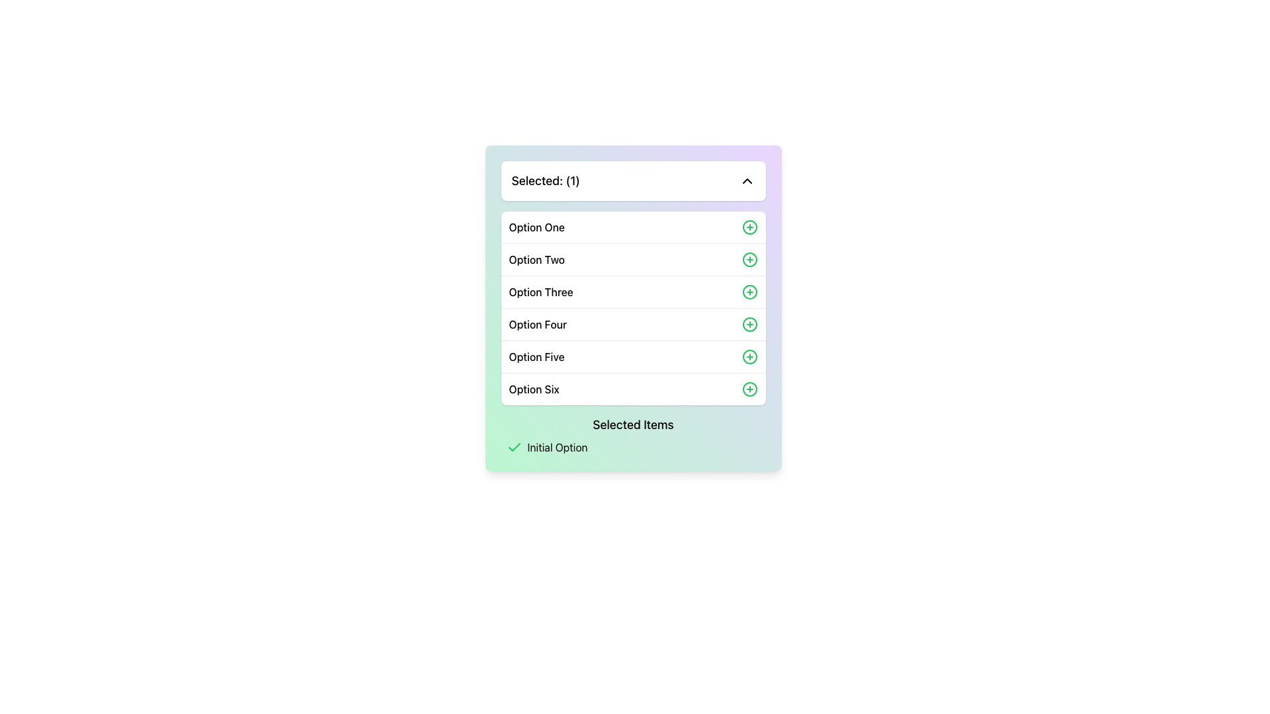 The height and width of the screenshot is (714, 1270). I want to click on the circular button with a plus sign, which is styled with a green outline and white background, located beside the 'Option Six' label, so click(749, 389).